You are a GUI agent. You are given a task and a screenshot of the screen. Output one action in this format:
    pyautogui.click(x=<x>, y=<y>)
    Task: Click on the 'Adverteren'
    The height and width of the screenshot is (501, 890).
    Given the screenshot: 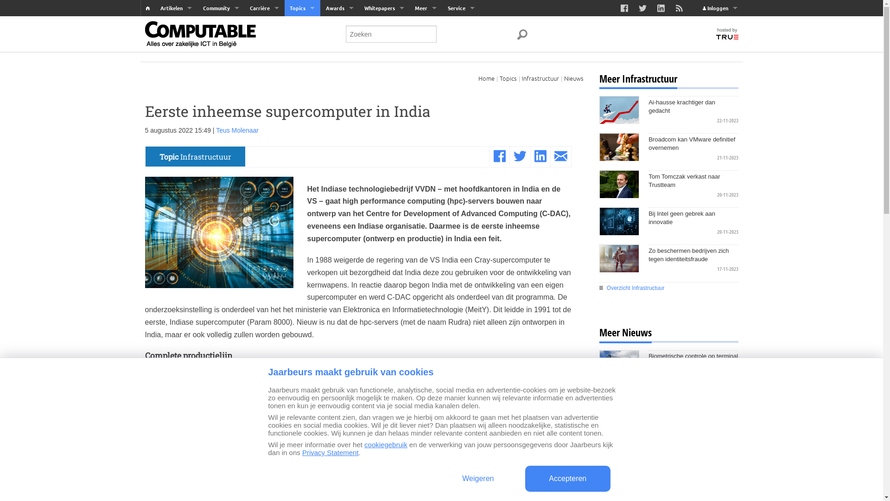 What is the action you would take?
    pyautogui.click(x=461, y=40)
    